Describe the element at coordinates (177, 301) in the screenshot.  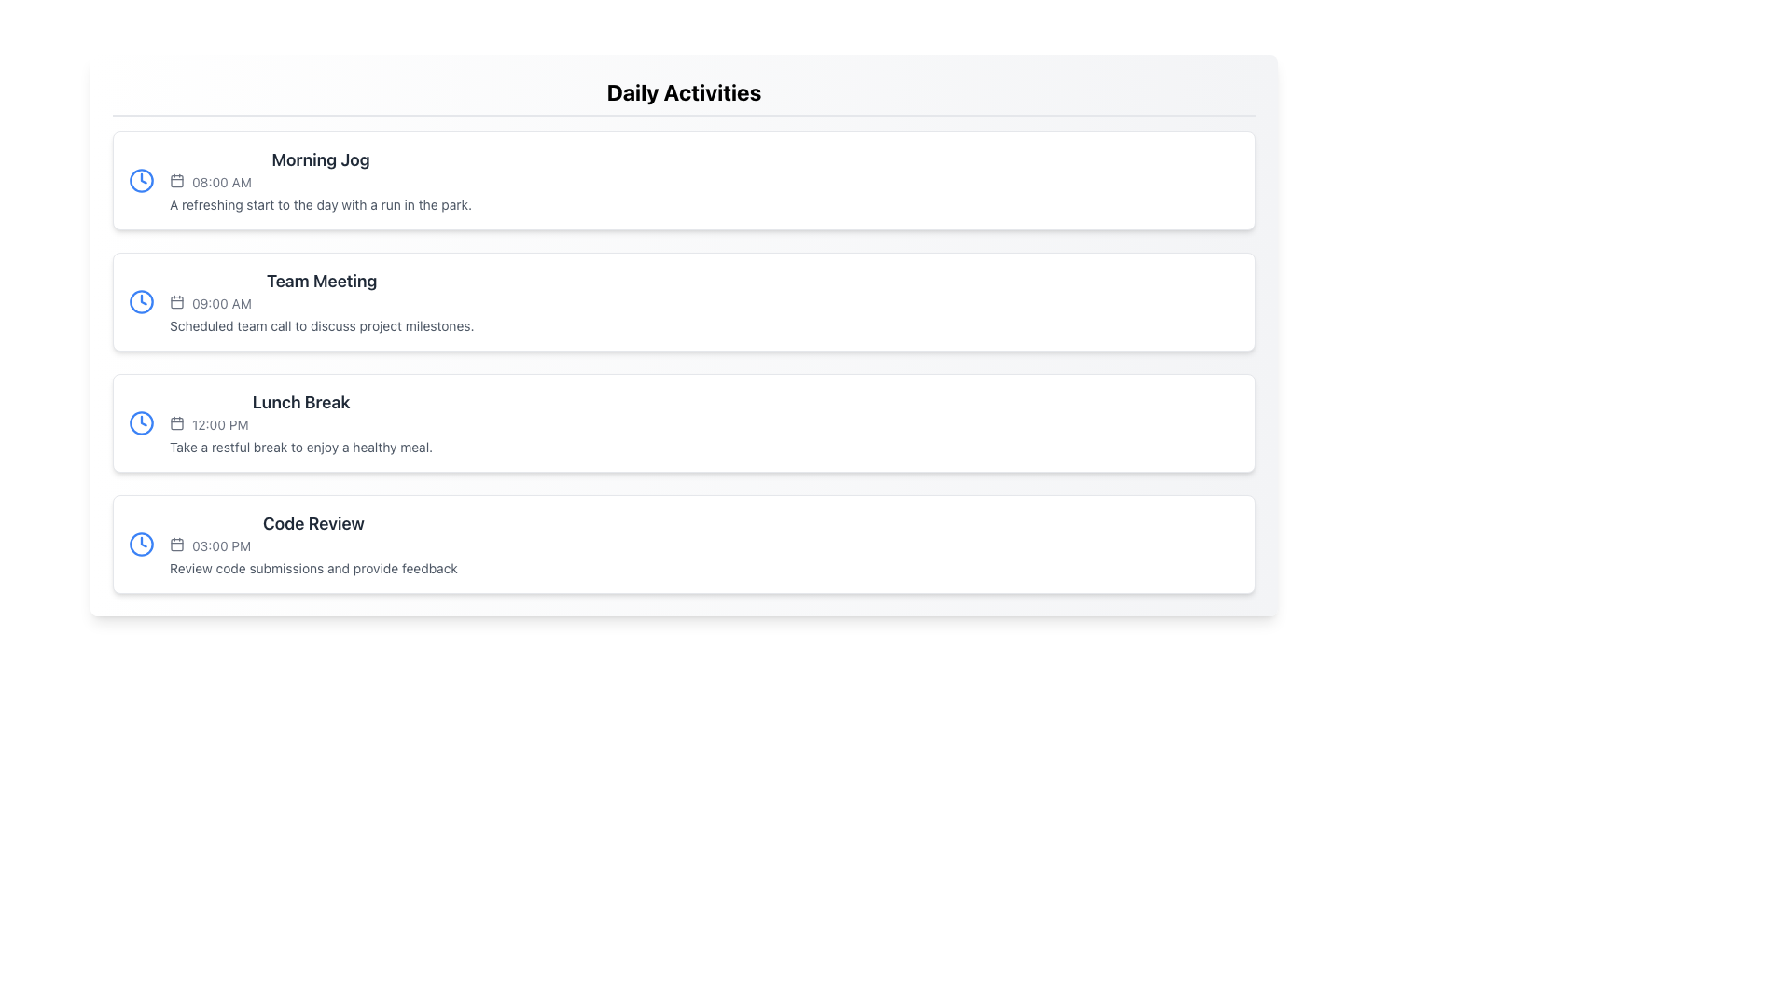
I see `the calendar icon located in the second list item titled 'Team Meeting', positioned to the left of the text '09:00 AM'` at that location.